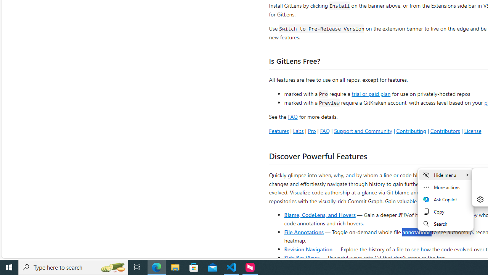 Image resolution: width=488 pixels, height=275 pixels. I want to click on 'File Annotations', so click(303, 231).